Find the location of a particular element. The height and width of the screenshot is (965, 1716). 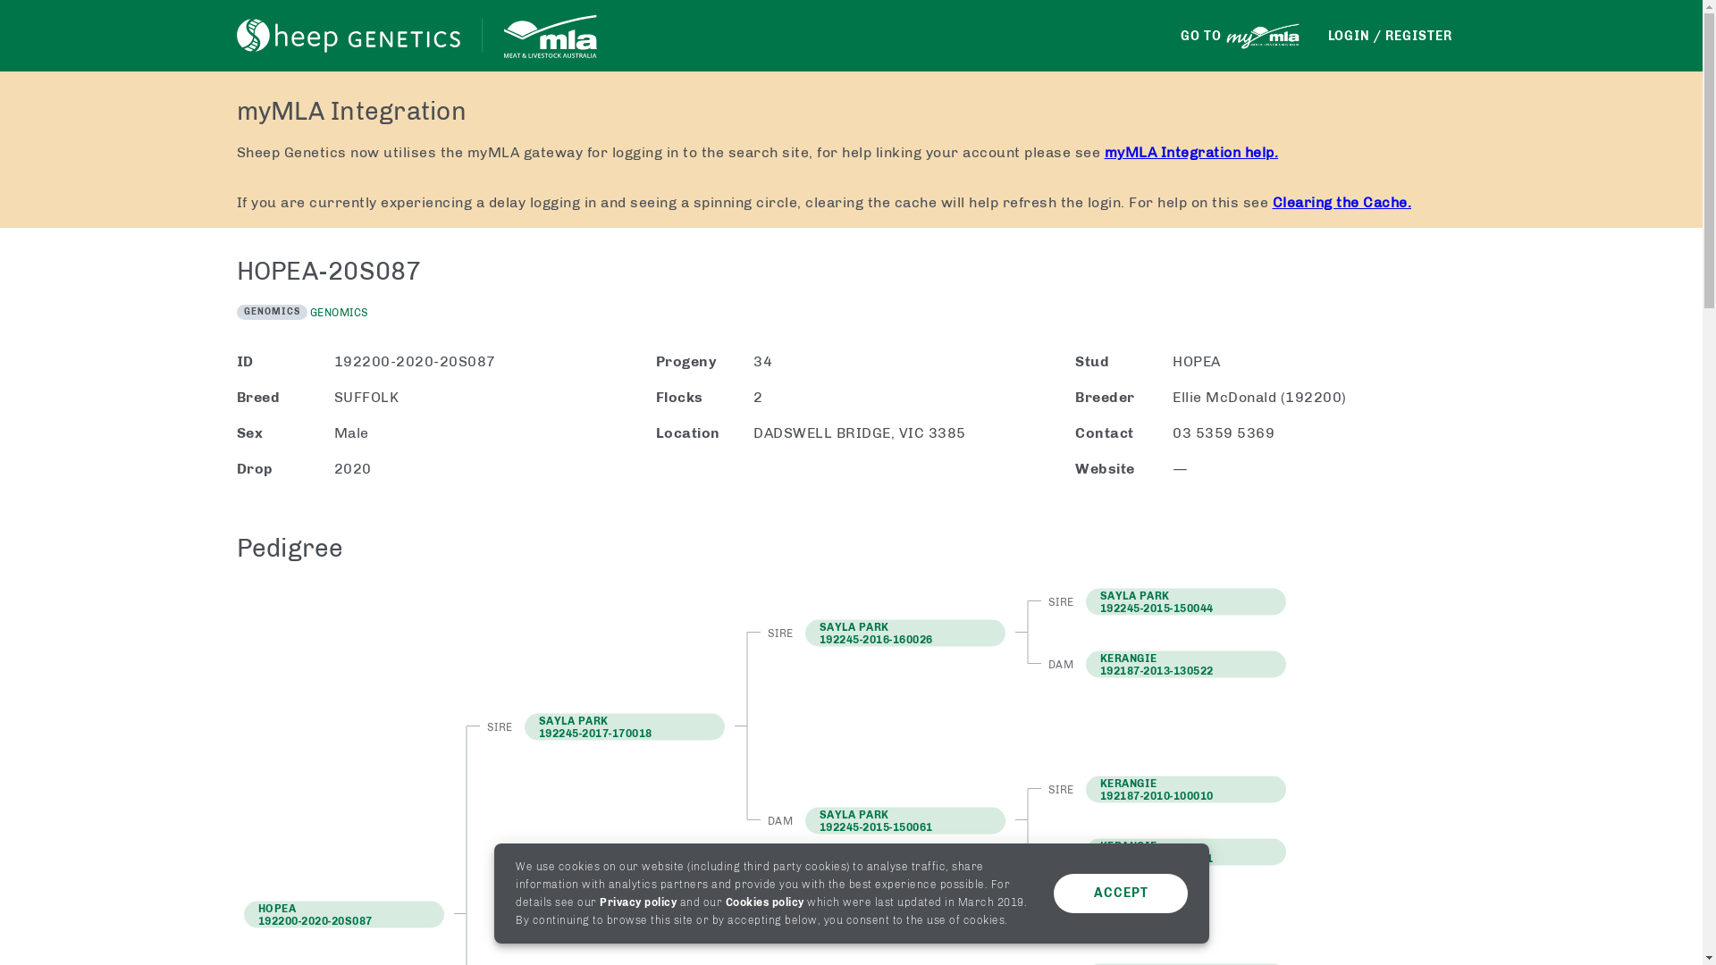

'GENOMICS' is located at coordinates (339, 310).